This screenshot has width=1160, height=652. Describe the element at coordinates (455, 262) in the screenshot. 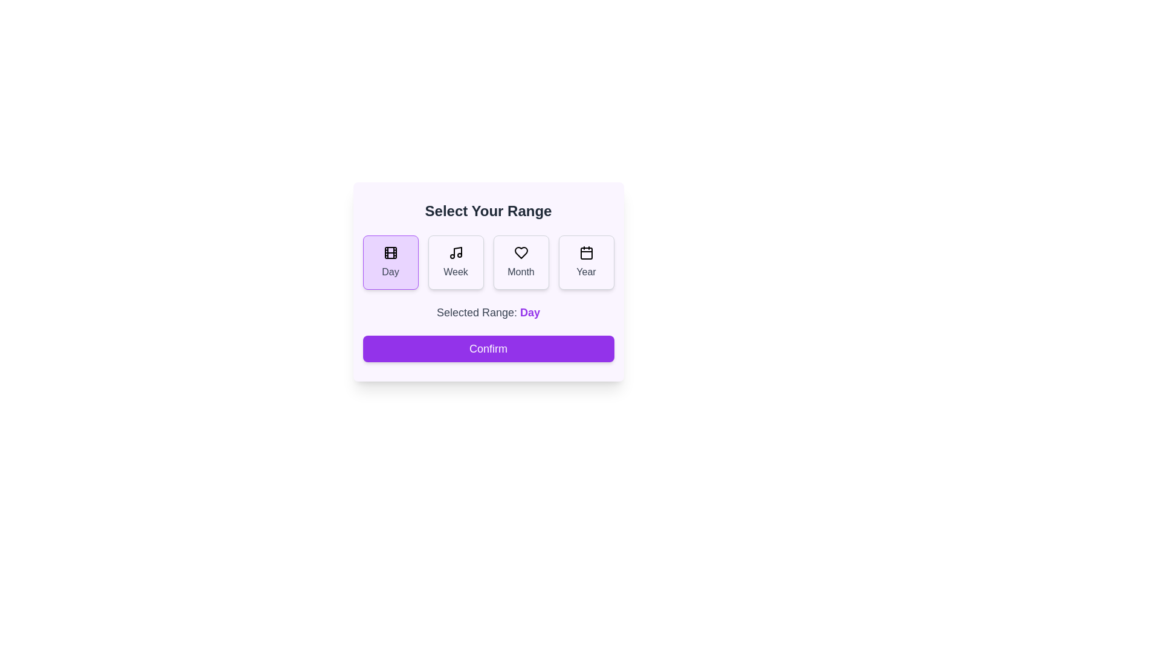

I see `the 'Week' button` at that location.